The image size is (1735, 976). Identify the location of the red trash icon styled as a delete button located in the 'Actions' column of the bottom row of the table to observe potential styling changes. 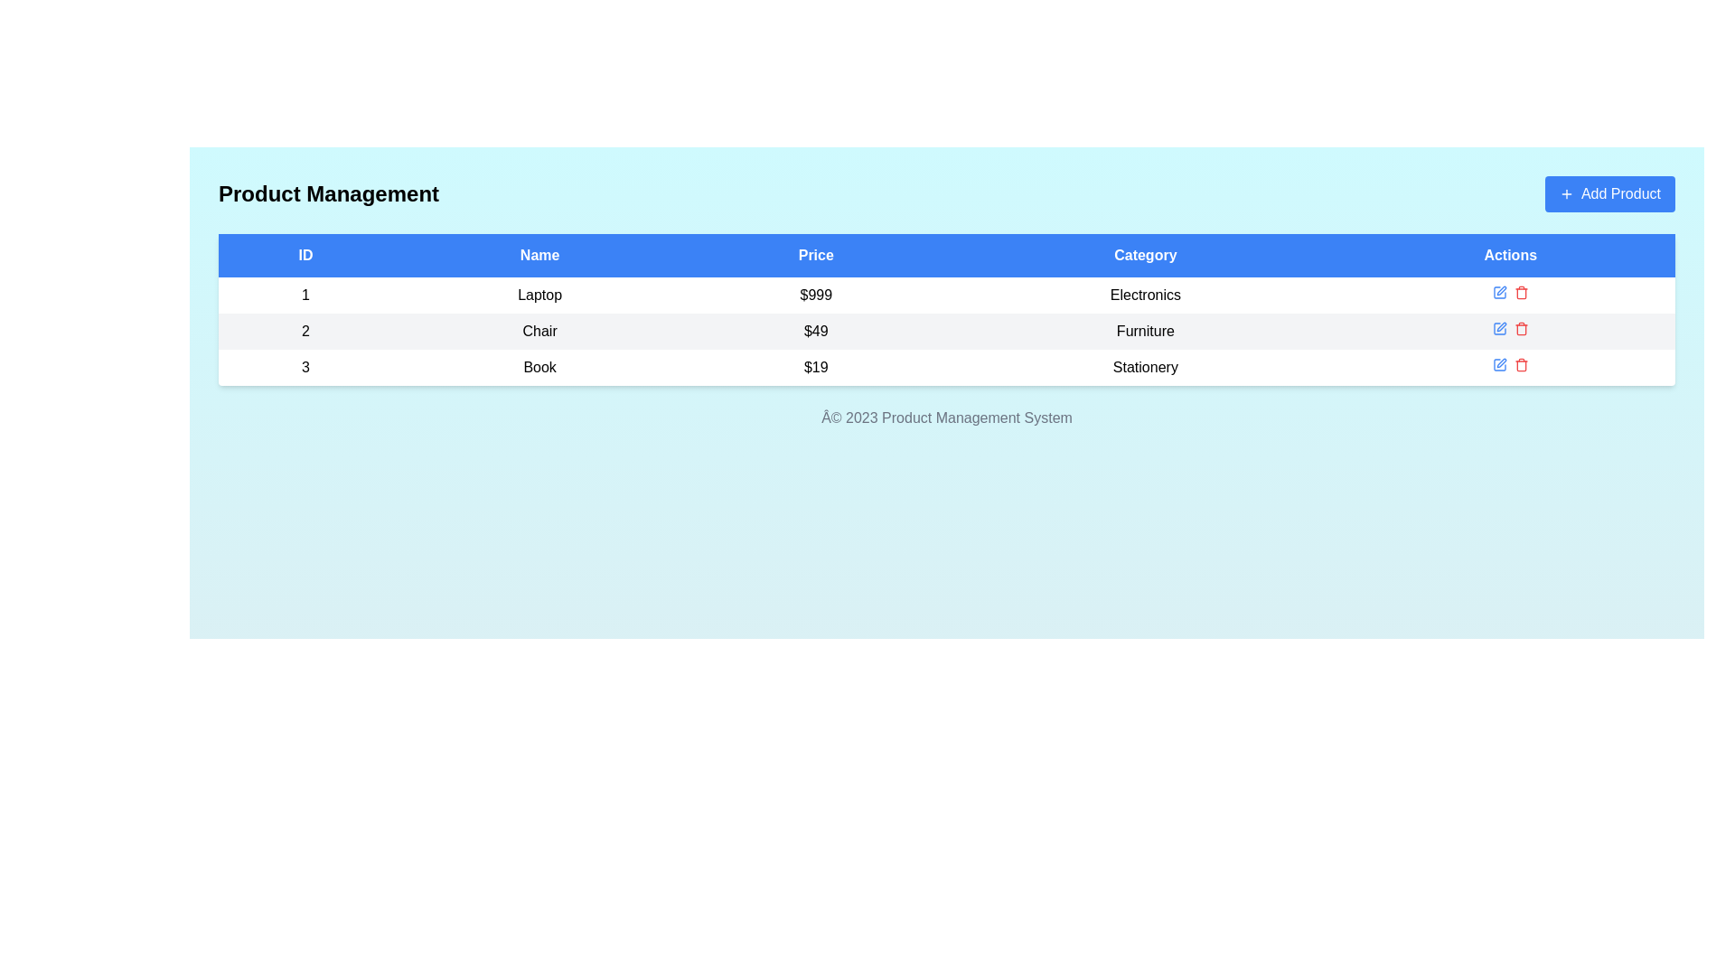
(1520, 365).